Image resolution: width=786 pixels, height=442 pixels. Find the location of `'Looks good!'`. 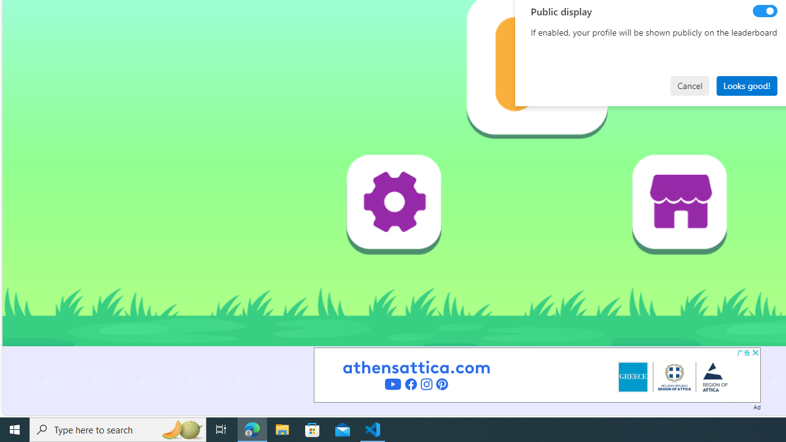

'Looks good!' is located at coordinates (746, 85).